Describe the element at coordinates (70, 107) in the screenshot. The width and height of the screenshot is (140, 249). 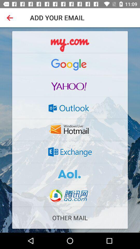
I see `the outlook logo on the web page` at that location.